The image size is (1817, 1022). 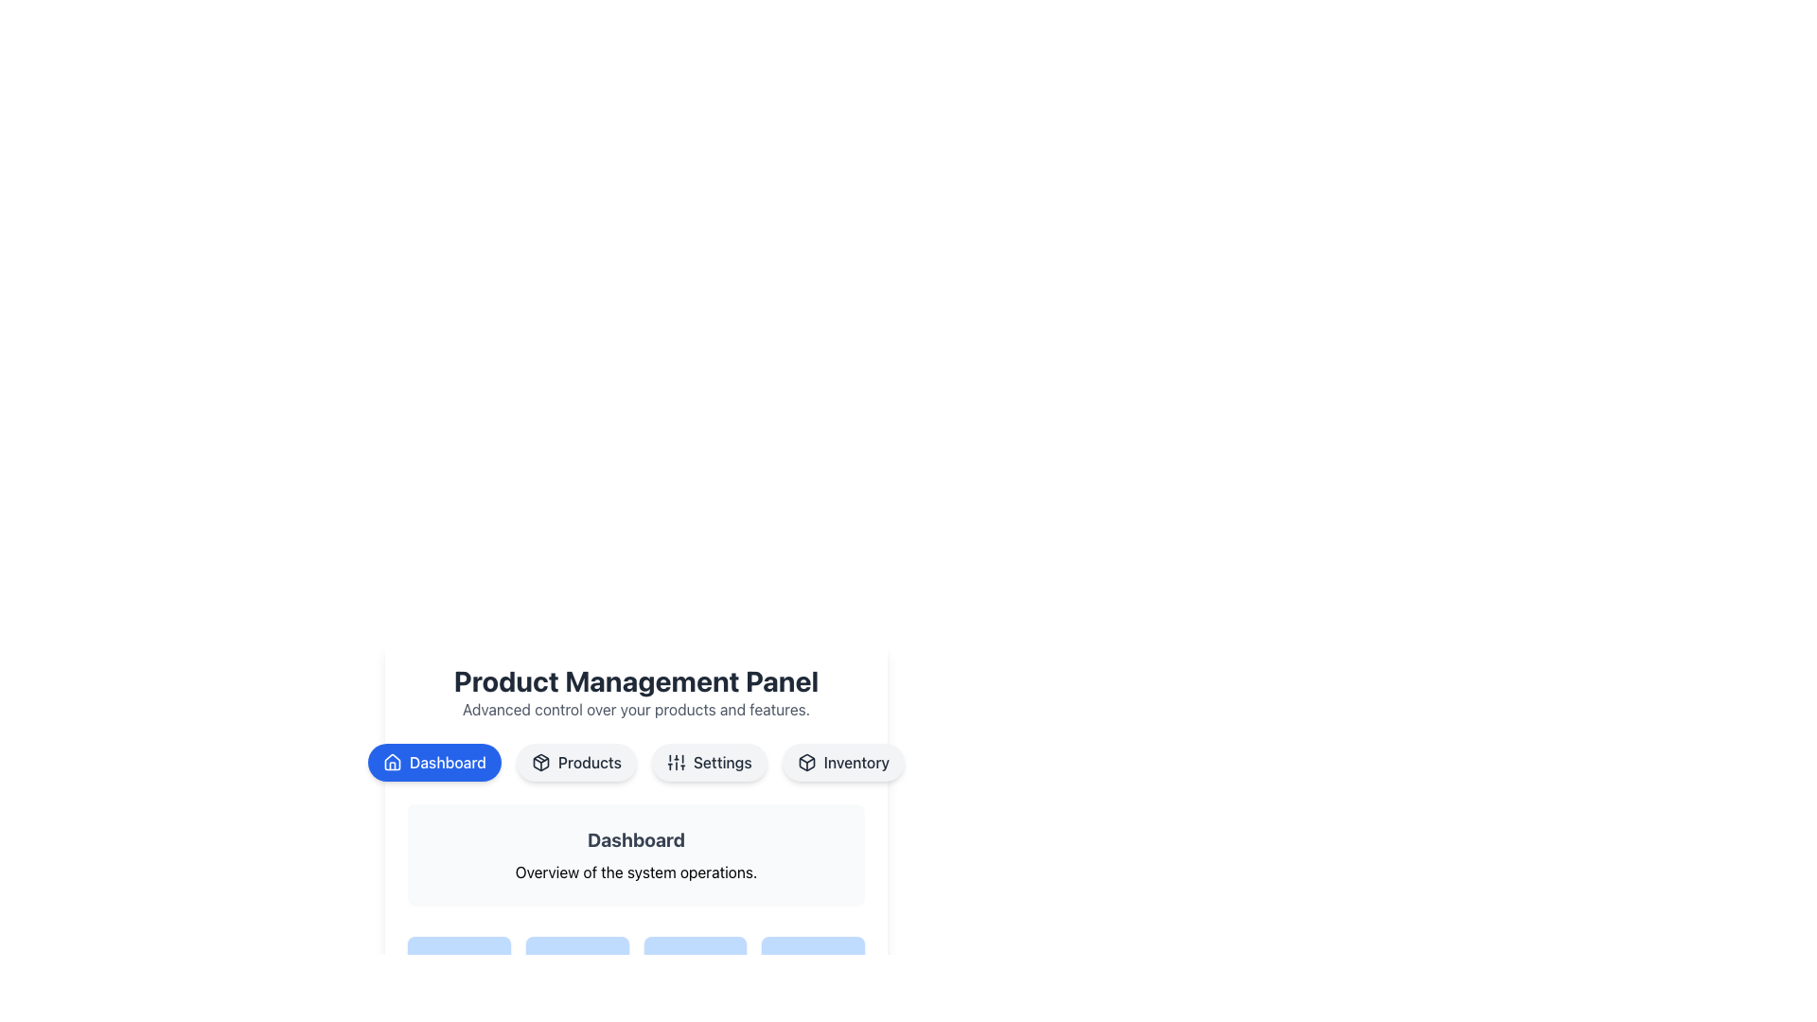 I want to click on the blue house-shaped icon located within the top navigation section, positioned to the left of the 'Dashboard' button, so click(x=391, y=761).